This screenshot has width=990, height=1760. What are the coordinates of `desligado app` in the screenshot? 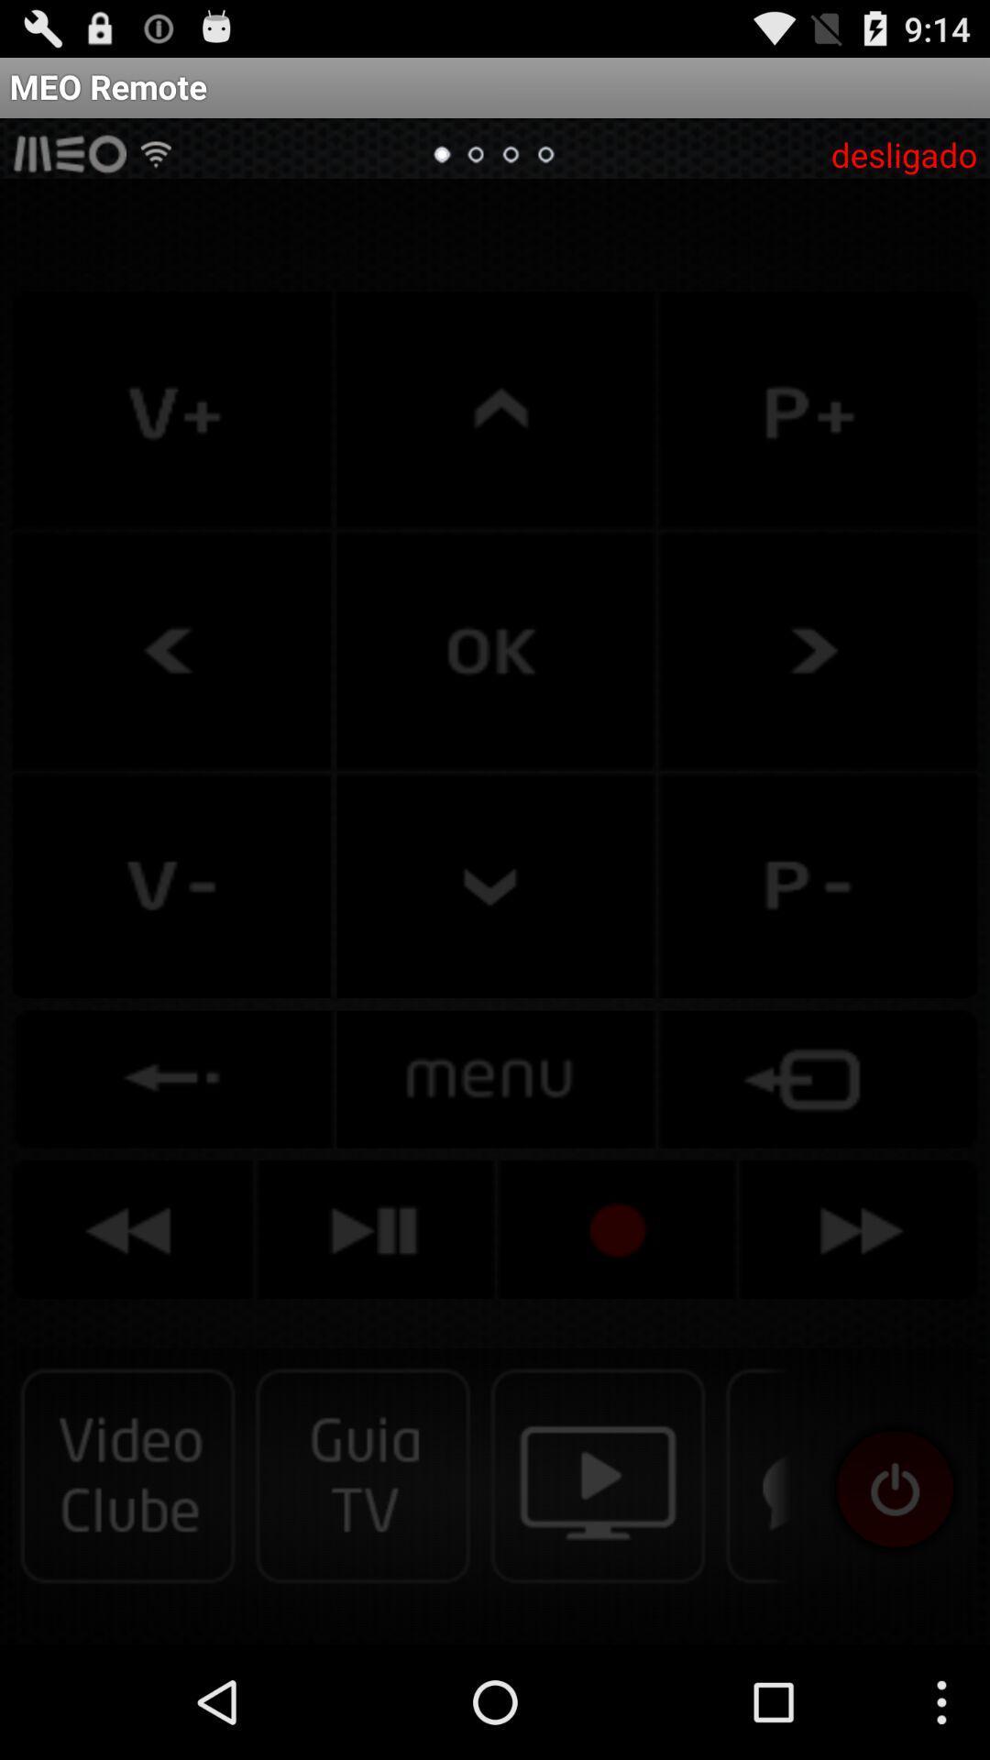 It's located at (903, 154).